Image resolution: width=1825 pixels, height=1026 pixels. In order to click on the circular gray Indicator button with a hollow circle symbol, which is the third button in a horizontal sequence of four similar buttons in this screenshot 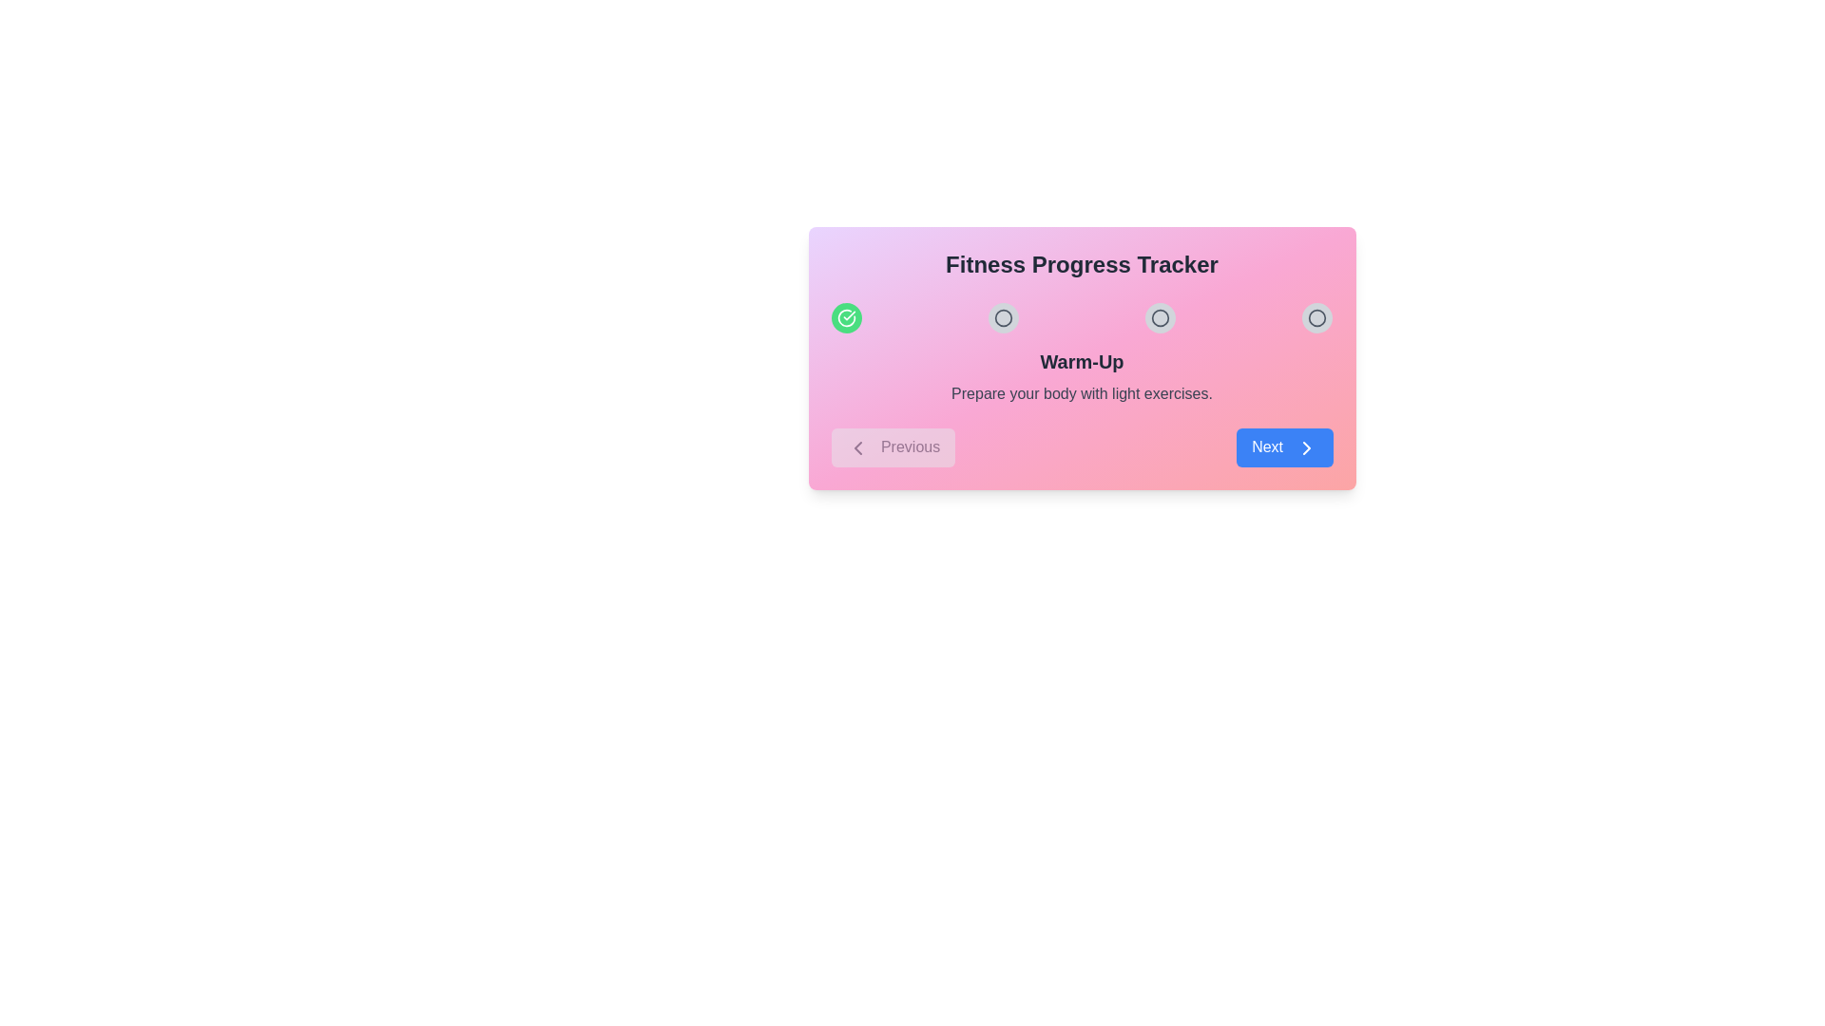, I will do `click(1160, 317)`.